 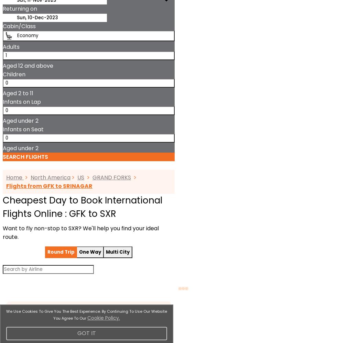 What do you see at coordinates (51, 8) in the screenshot?
I see `'Book flights from GFK to SXR at 04:45 AM with'` at bounding box center [51, 8].